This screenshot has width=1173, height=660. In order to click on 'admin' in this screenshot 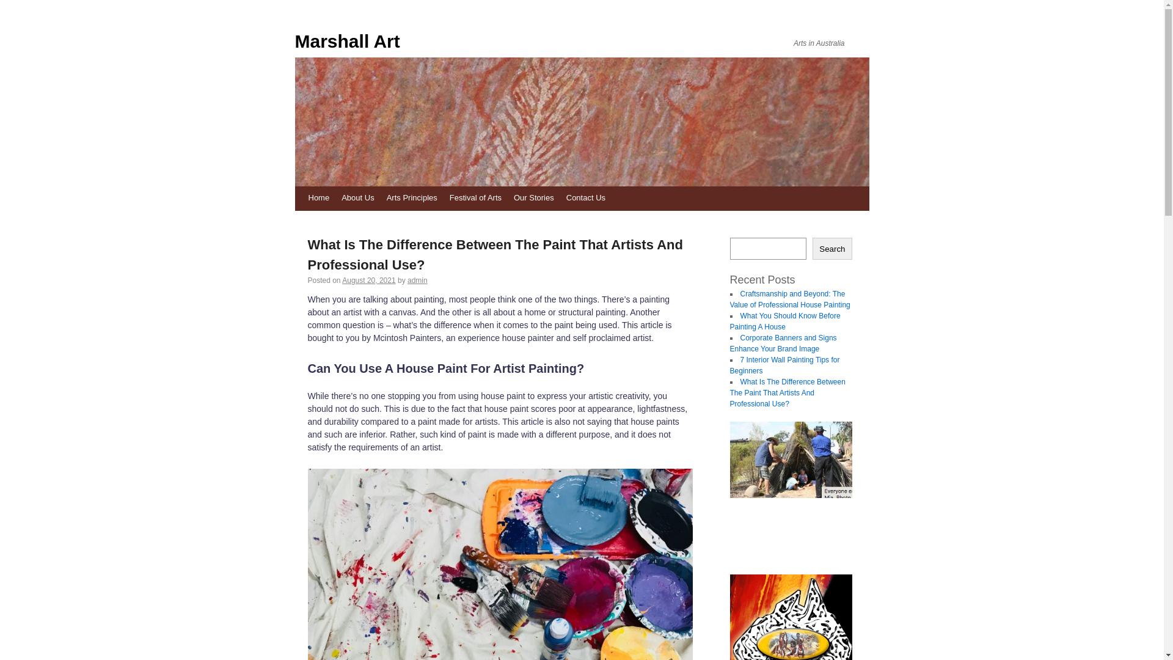, I will do `click(407, 280)`.